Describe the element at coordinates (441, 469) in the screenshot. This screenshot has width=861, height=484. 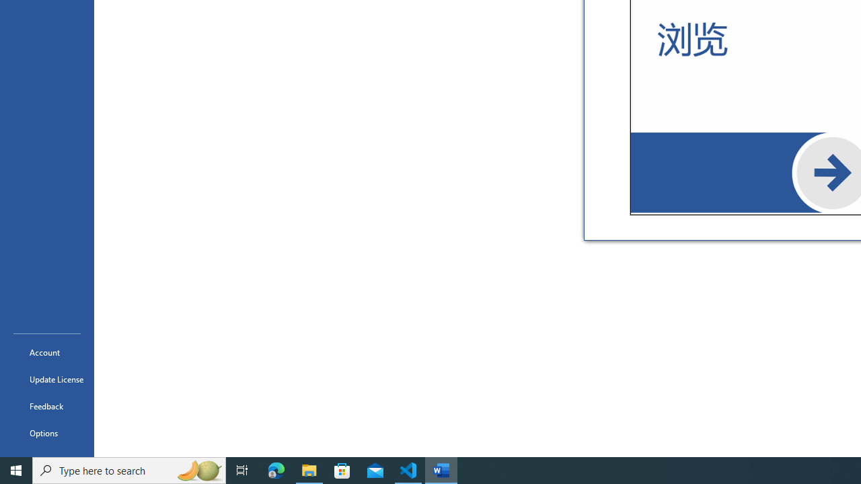
I see `'Word - 1 running window'` at that location.